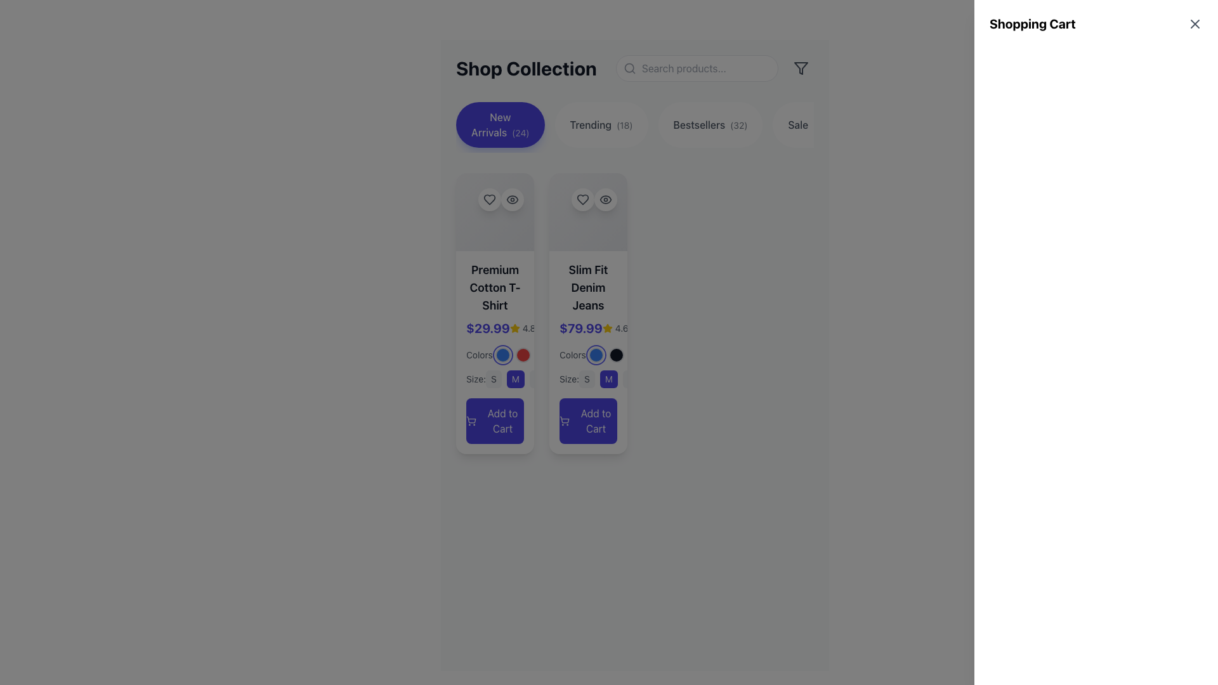 This screenshot has width=1218, height=685. What do you see at coordinates (526, 68) in the screenshot?
I see `the 'Shop Collection' text label, which indicates the section of the content and is positioned at the top-left corner of the user interface` at bounding box center [526, 68].